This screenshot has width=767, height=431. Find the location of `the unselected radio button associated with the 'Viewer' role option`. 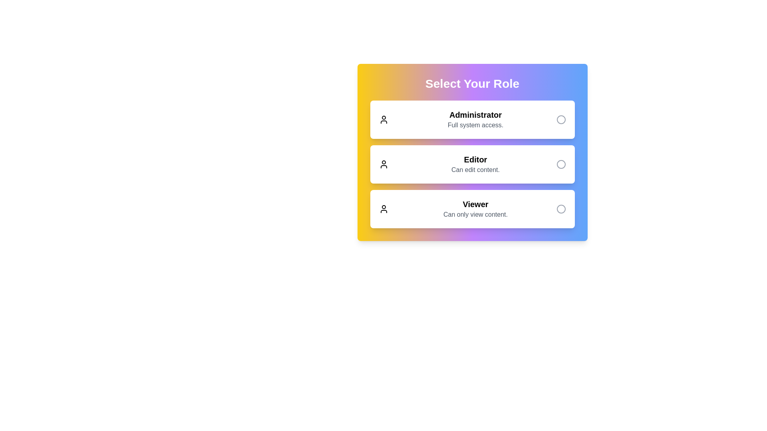

the unselected radio button associated with the 'Viewer' role option is located at coordinates (560, 209).